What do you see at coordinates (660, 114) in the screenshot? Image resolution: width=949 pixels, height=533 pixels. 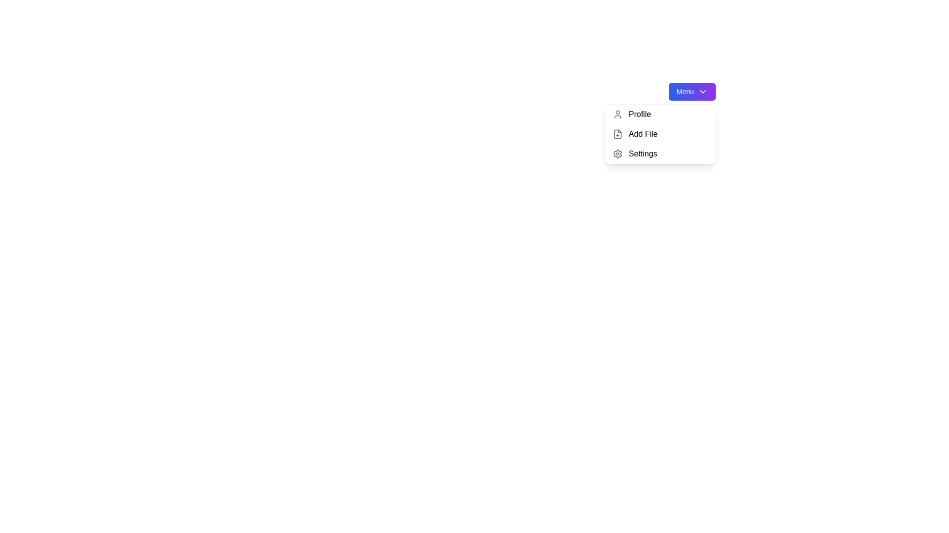 I see `the 'Profile' menu entry` at bounding box center [660, 114].